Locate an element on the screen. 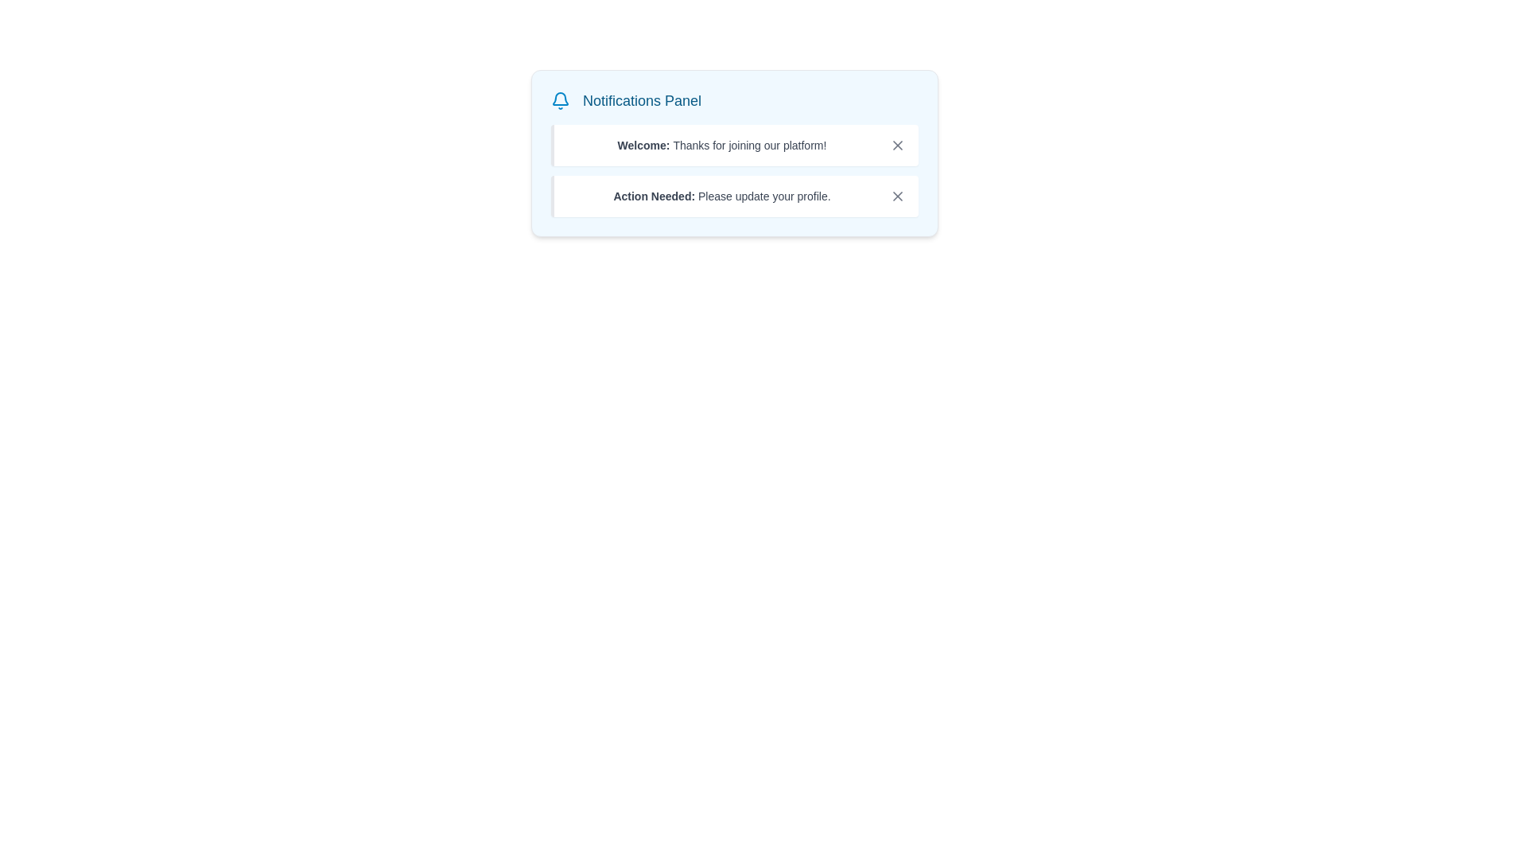 Image resolution: width=1527 pixels, height=859 pixels. the static text element displaying the message 'Welcome: Thanks for joining our platform!', which is styled in a smaller gray font and located within a notification box is located at coordinates (721, 145).